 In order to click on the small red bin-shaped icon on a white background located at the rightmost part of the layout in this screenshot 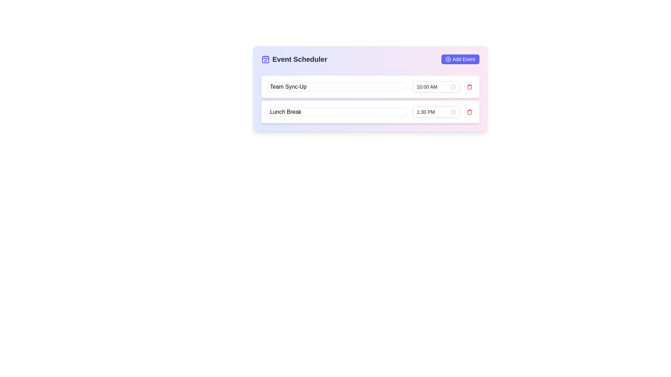, I will do `click(469, 111)`.